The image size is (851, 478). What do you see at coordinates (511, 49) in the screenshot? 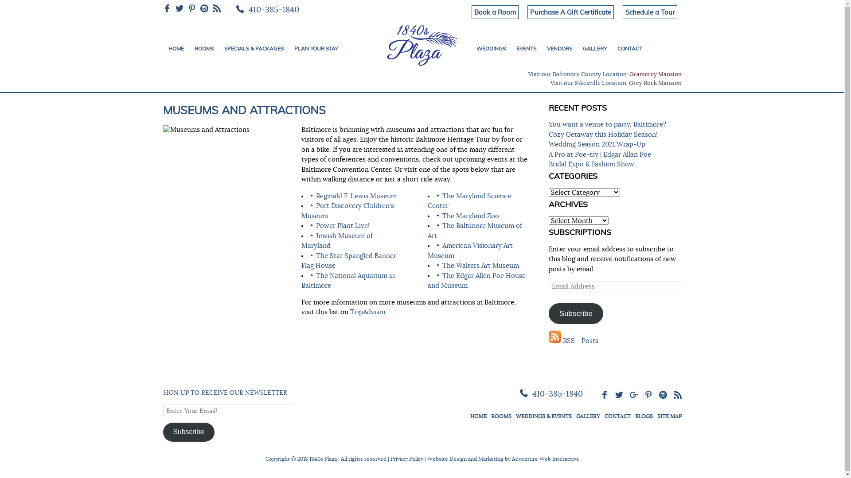
I see `'EVENTS'` at bounding box center [511, 49].